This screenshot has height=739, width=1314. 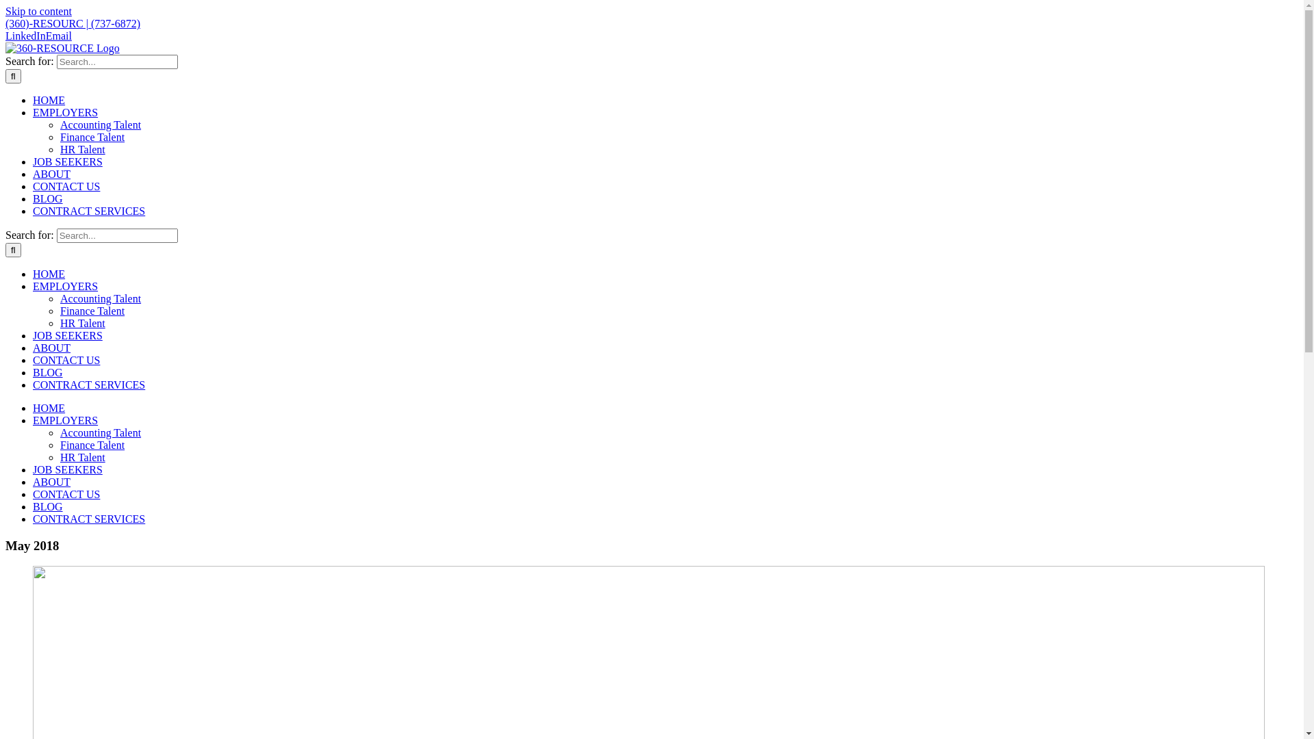 What do you see at coordinates (5, 11) in the screenshot?
I see `'Skip to content'` at bounding box center [5, 11].